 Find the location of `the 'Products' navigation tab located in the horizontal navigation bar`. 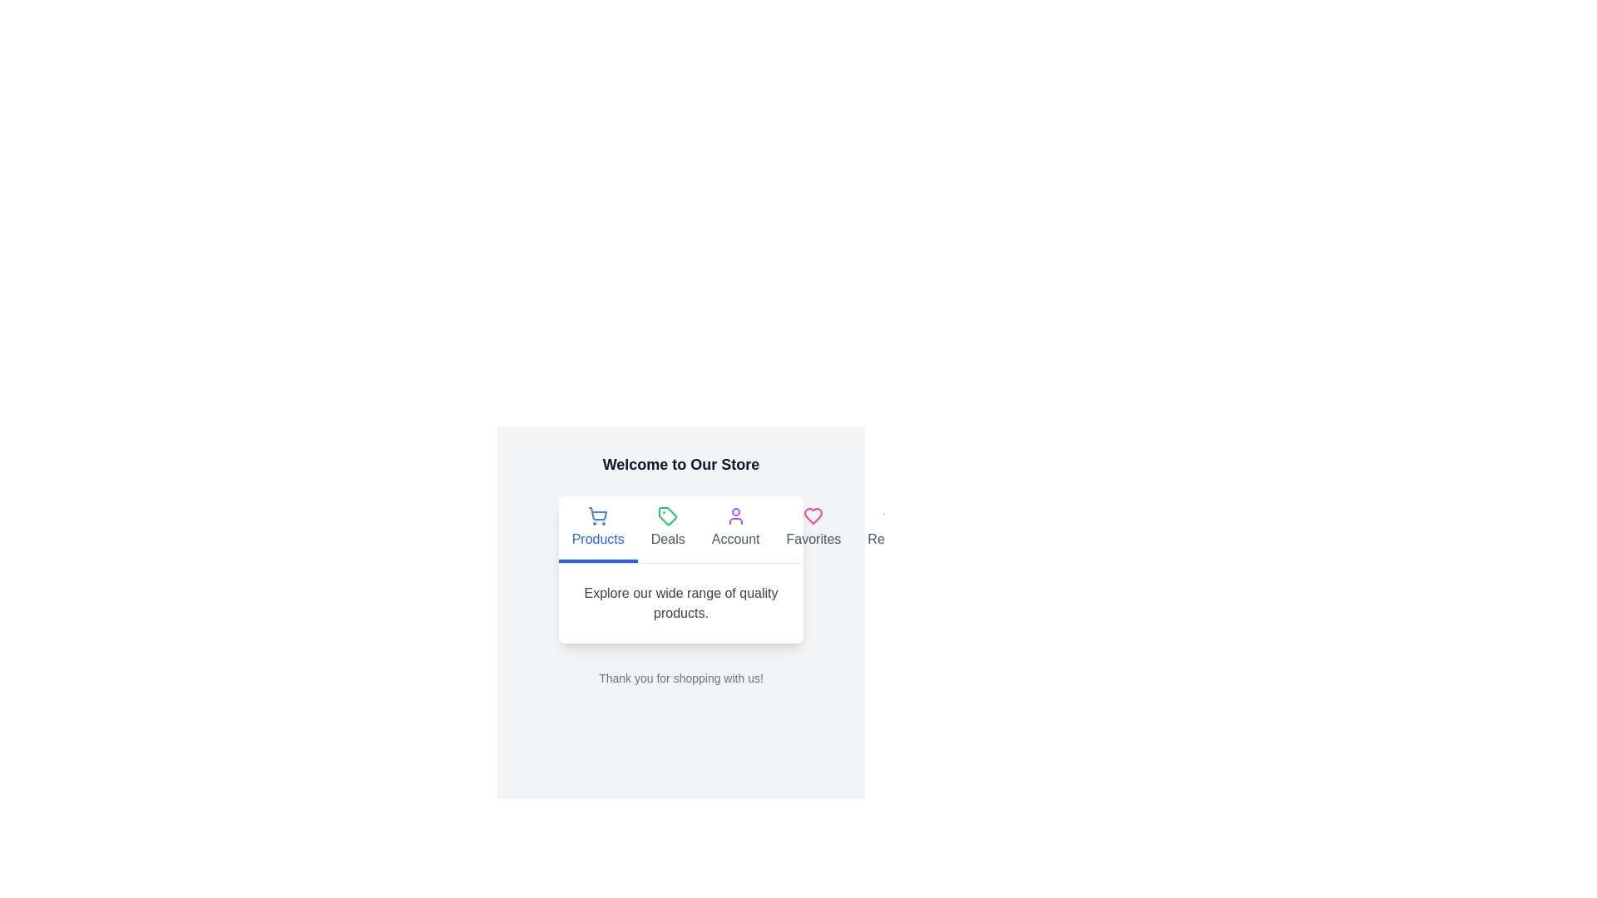

the 'Products' navigation tab located in the horizontal navigation bar is located at coordinates (598, 529).